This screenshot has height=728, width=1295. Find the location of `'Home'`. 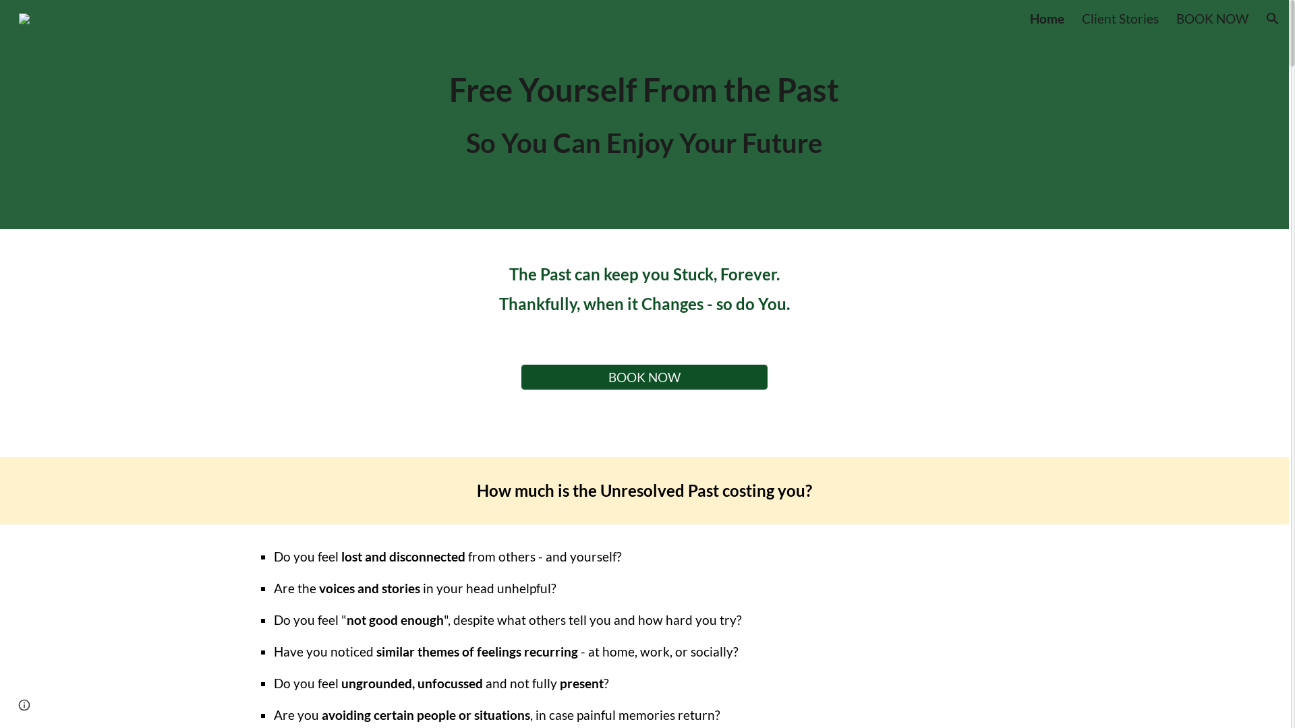

'Home' is located at coordinates (1029, 18).